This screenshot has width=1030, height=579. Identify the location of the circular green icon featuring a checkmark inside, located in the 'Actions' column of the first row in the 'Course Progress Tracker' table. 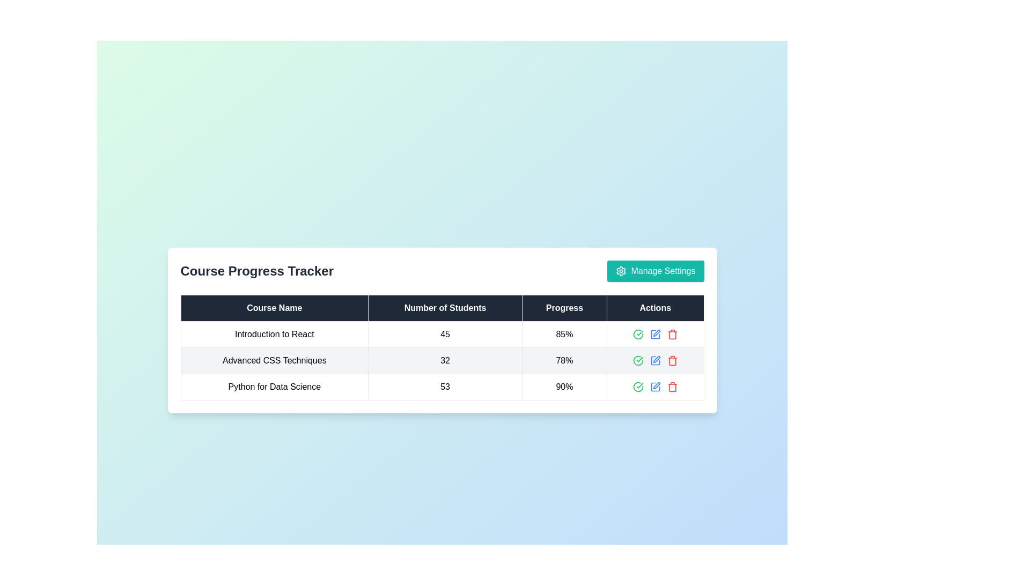
(638, 333).